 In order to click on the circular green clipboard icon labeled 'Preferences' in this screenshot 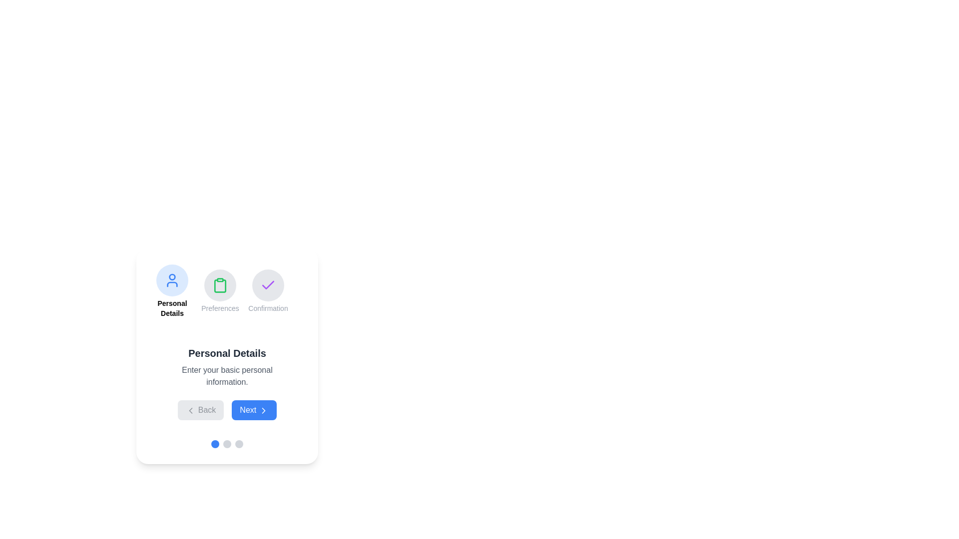, I will do `click(227, 291)`.